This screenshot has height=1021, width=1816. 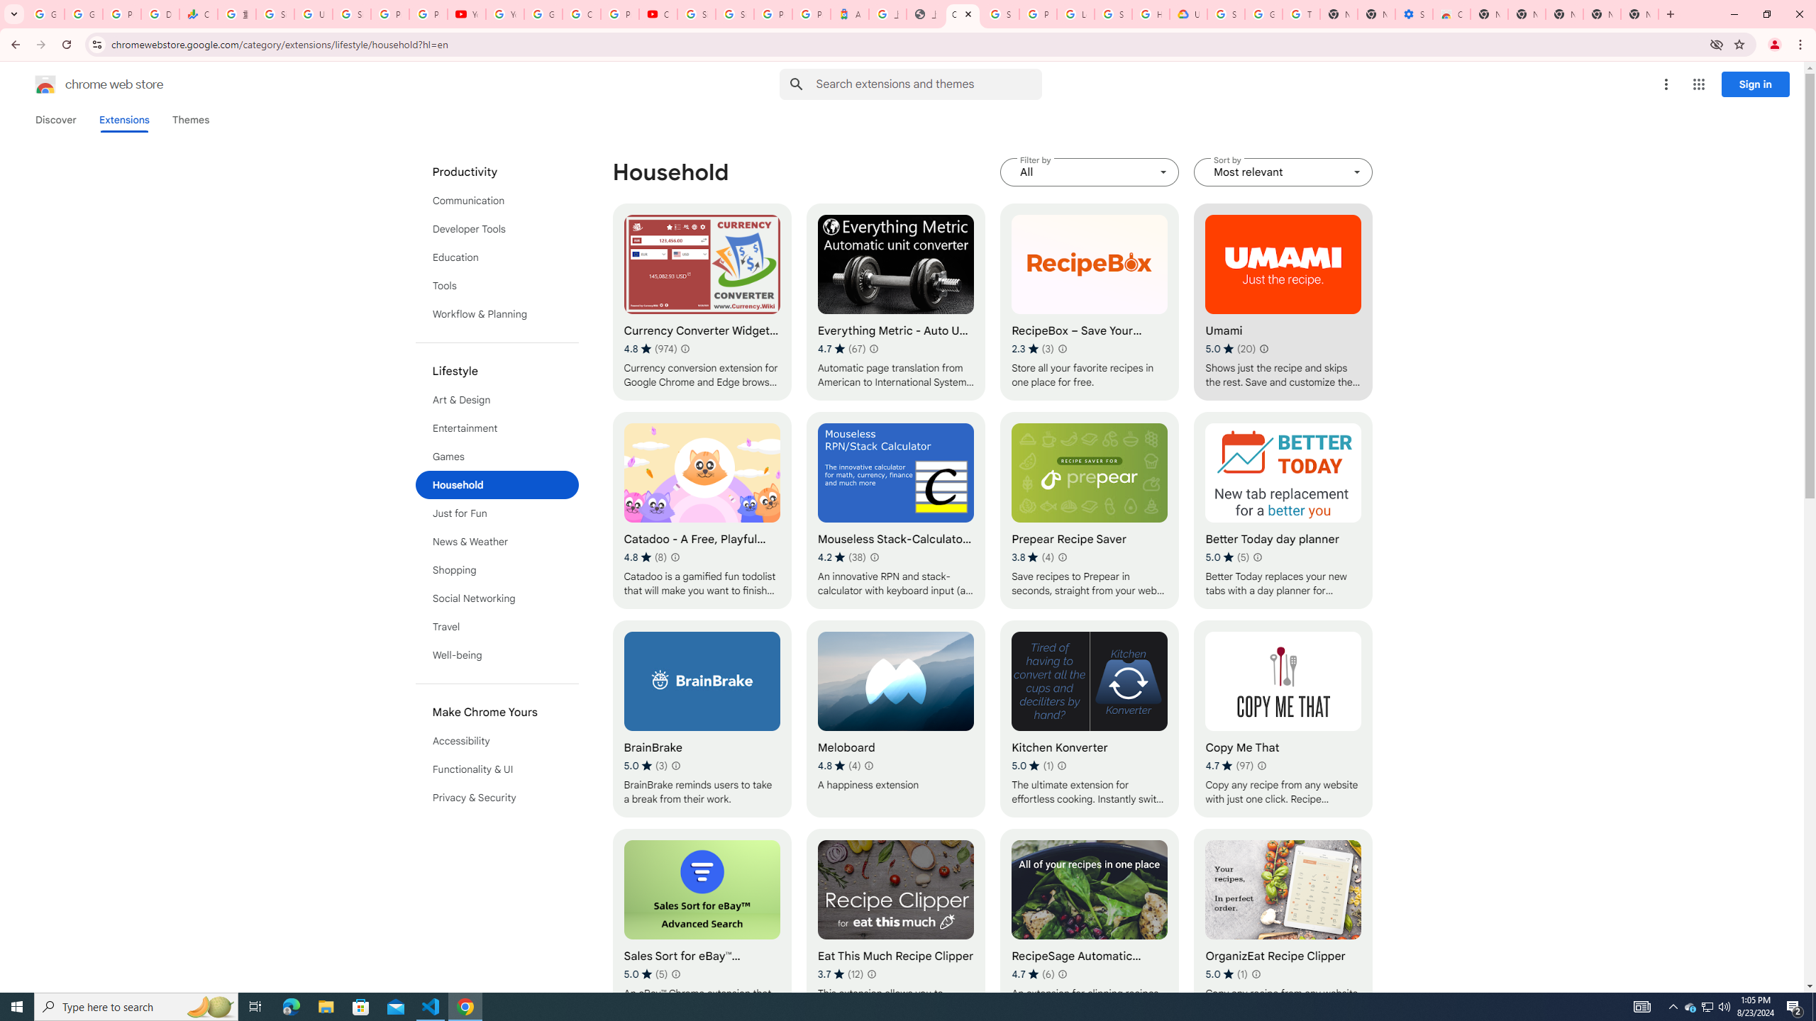 What do you see at coordinates (896, 927) in the screenshot?
I see `'Eat This Much Recipe Clipper'` at bounding box center [896, 927].